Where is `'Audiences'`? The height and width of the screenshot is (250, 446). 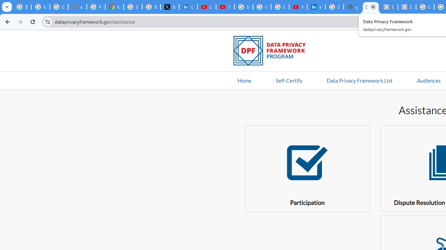 'Audiences' is located at coordinates (428, 80).